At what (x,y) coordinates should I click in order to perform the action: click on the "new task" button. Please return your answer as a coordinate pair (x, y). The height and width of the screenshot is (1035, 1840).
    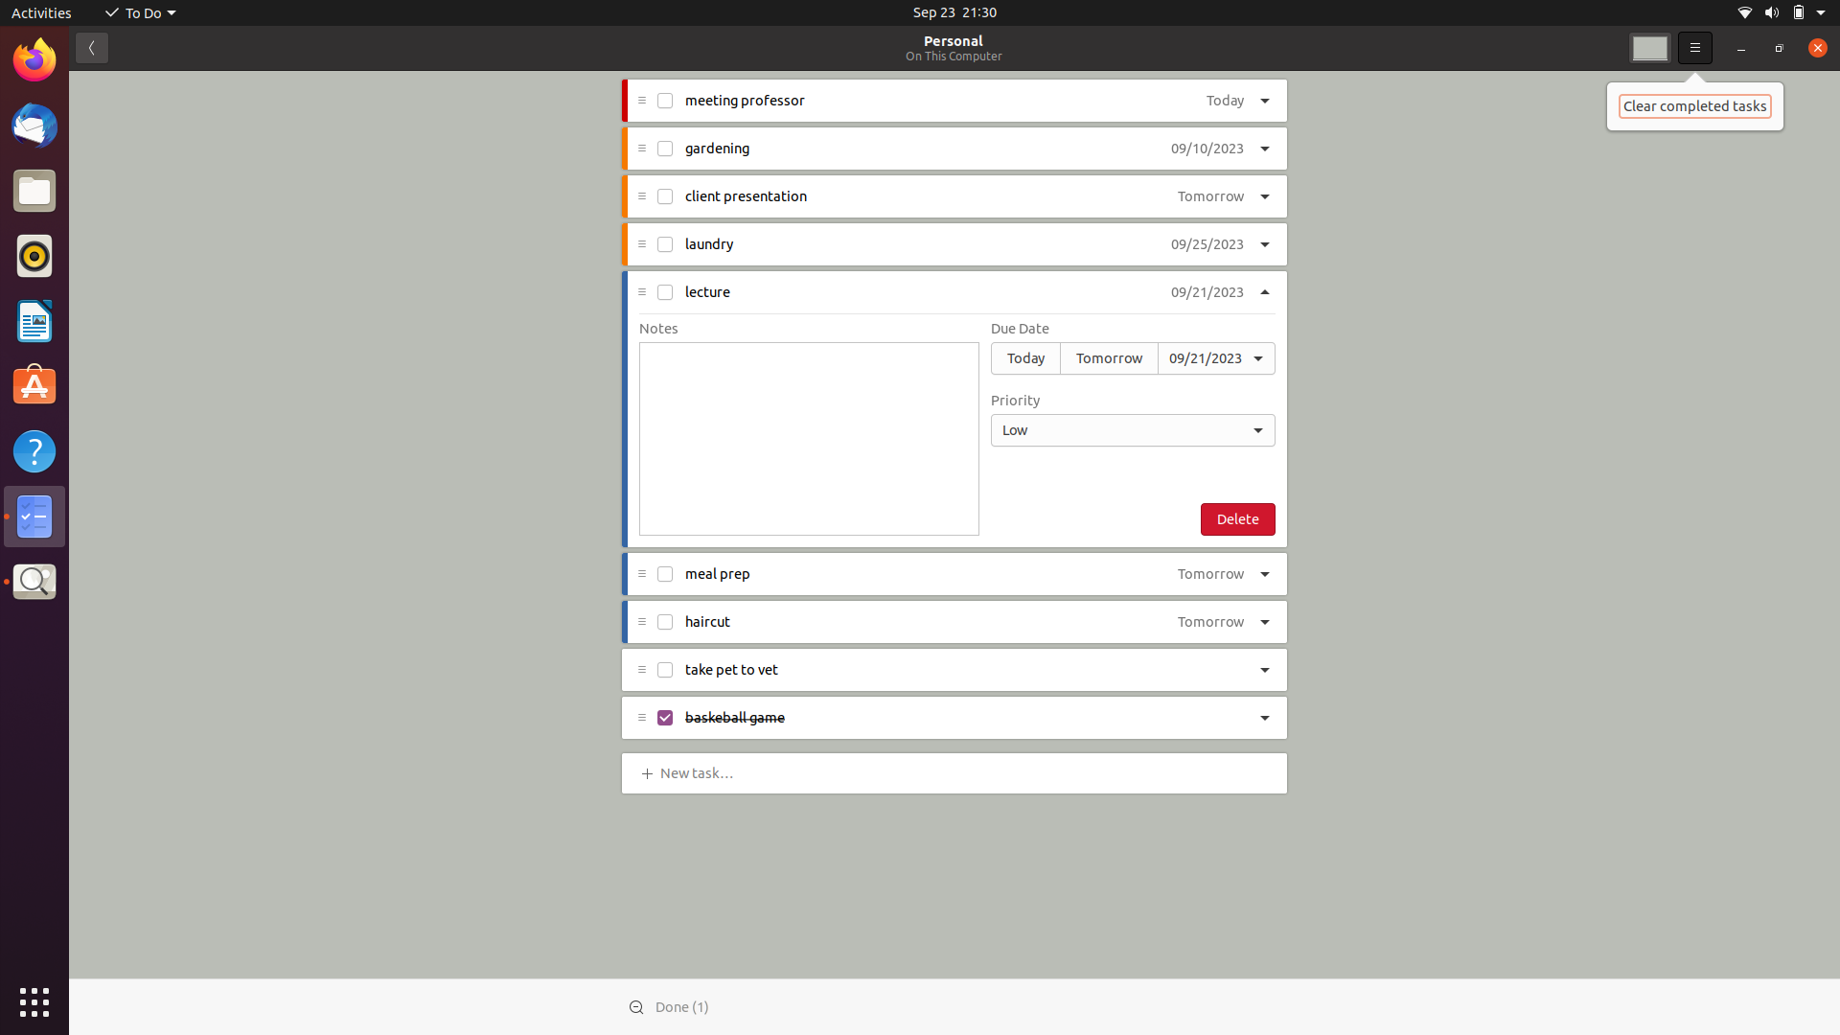
    Looking at the image, I should click on (700, 770).